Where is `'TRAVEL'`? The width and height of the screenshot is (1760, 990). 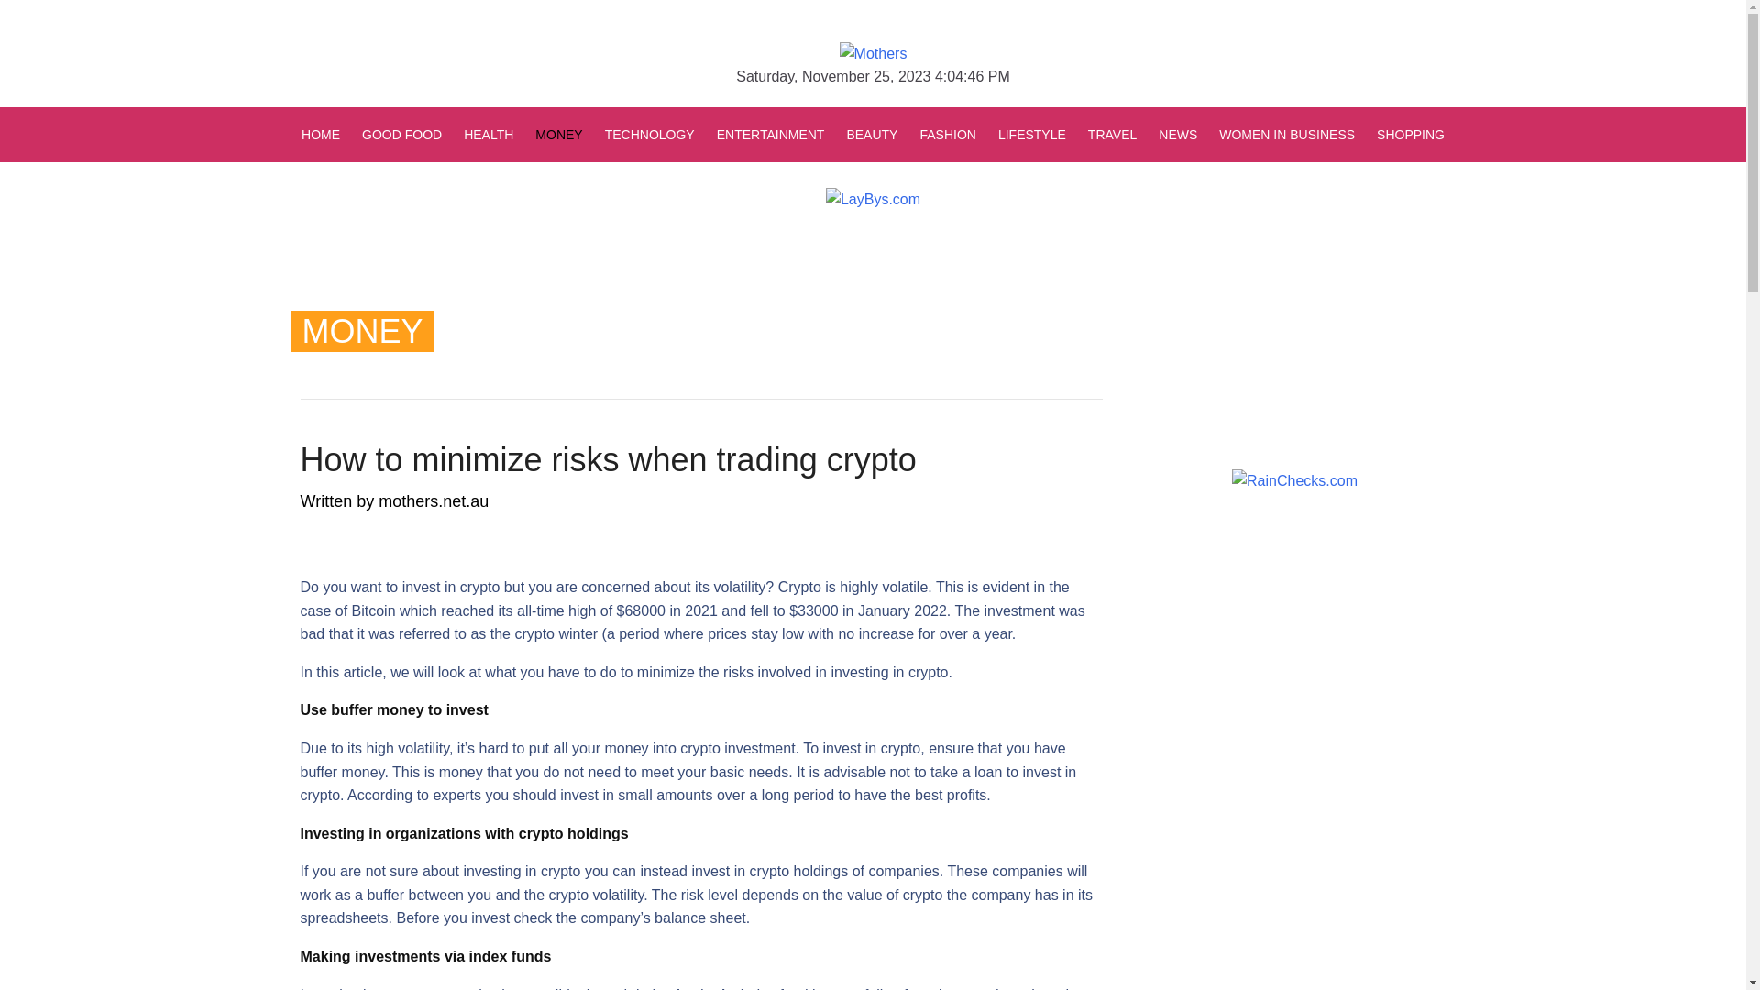 'TRAVEL' is located at coordinates (1111, 133).